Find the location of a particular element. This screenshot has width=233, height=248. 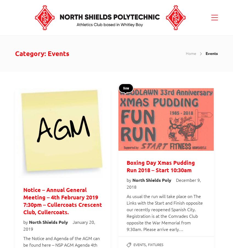

'Boxing Day Xmas Pudding Run 2018 – Start 10:30am' is located at coordinates (161, 166).